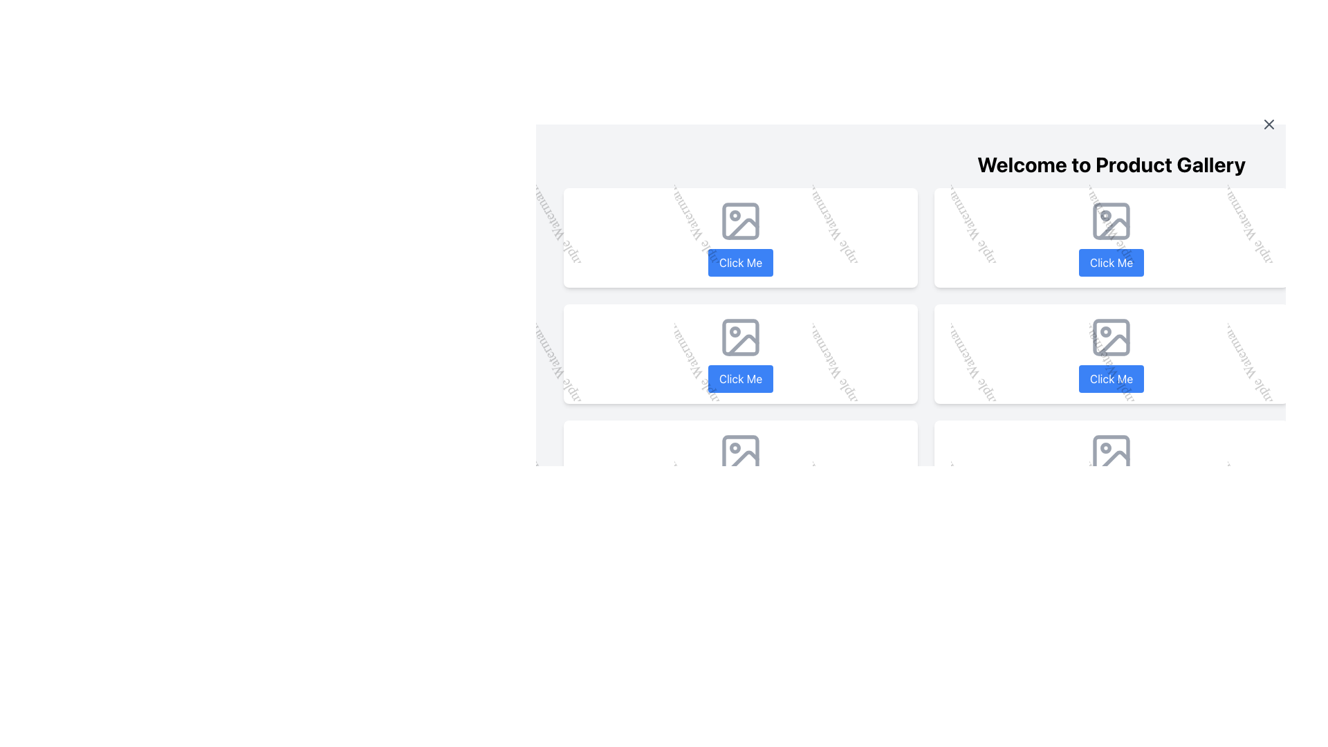  I want to click on small gray rectangle with rounded corners located in the bottom-left cell of the grid layout within the SVG graphic representing an image icon by opening the browser's developer tools, so click(739, 453).